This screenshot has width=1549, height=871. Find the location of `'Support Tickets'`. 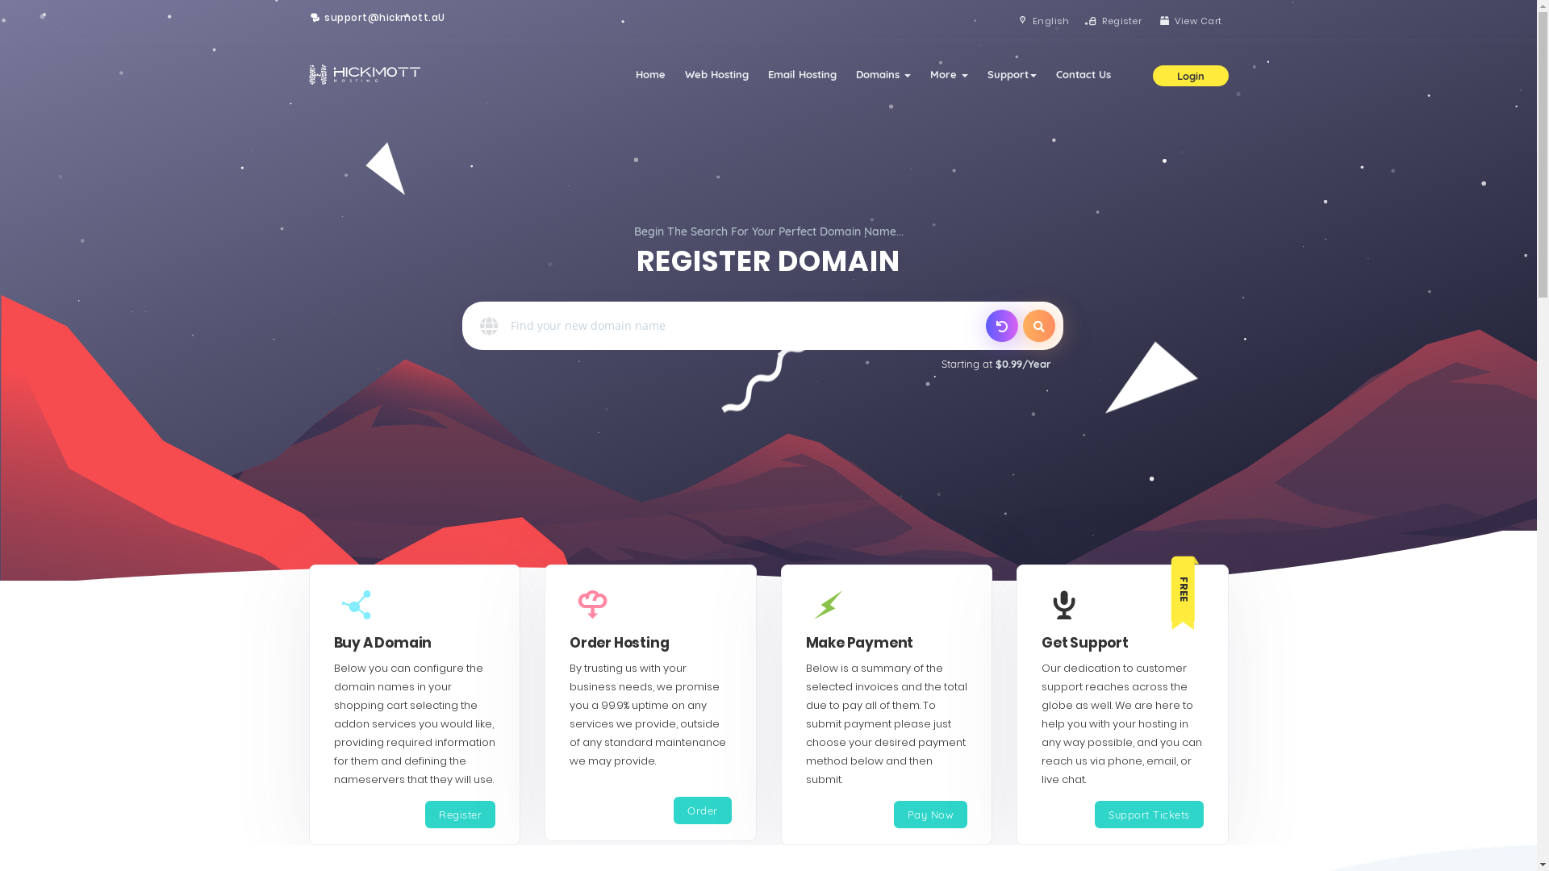

'Support Tickets' is located at coordinates (1148, 815).